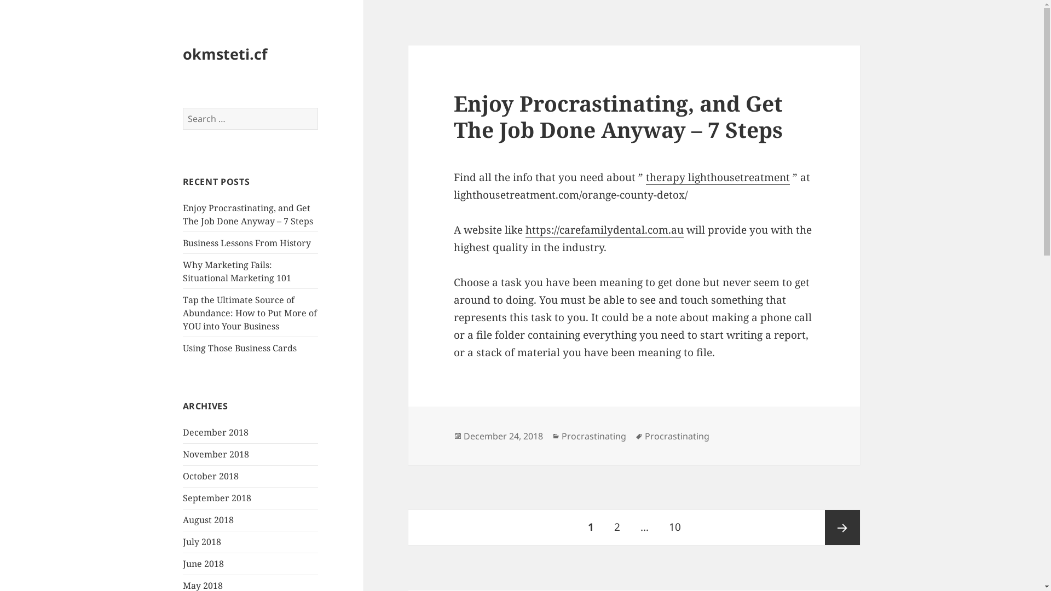 This screenshot has height=591, width=1051. Describe the element at coordinates (215, 432) in the screenshot. I see `'December 2018'` at that location.